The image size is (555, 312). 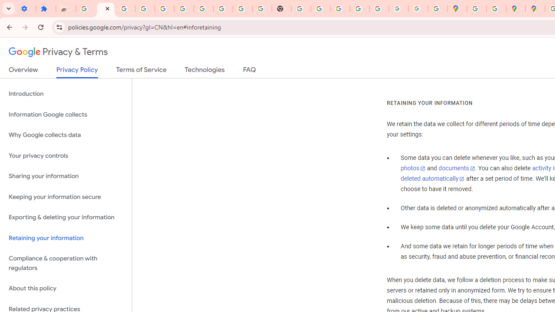 What do you see at coordinates (86, 9) in the screenshot?
I see `'Sign in - Google Accounts'` at bounding box center [86, 9].